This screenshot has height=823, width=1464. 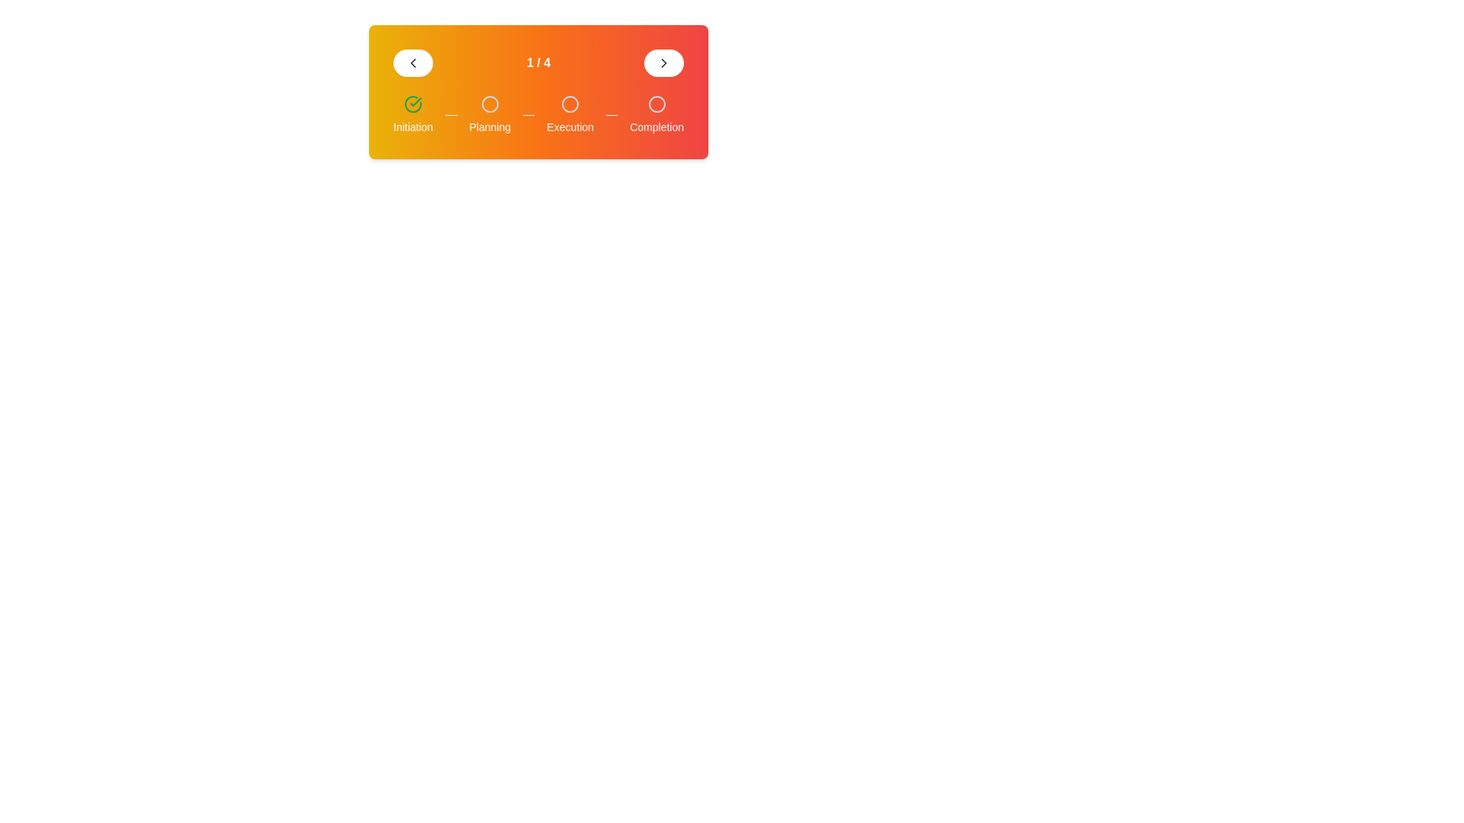 What do you see at coordinates (570, 104) in the screenshot?
I see `the status of the circular progress indicator located in the 'Execution' step of the progression bar, which is the third step in the sequence` at bounding box center [570, 104].